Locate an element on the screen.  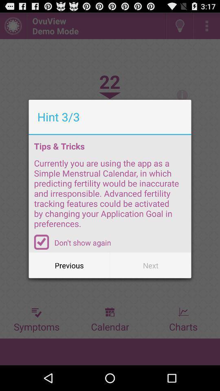
icon below the currently you are item is located at coordinates (42, 242).